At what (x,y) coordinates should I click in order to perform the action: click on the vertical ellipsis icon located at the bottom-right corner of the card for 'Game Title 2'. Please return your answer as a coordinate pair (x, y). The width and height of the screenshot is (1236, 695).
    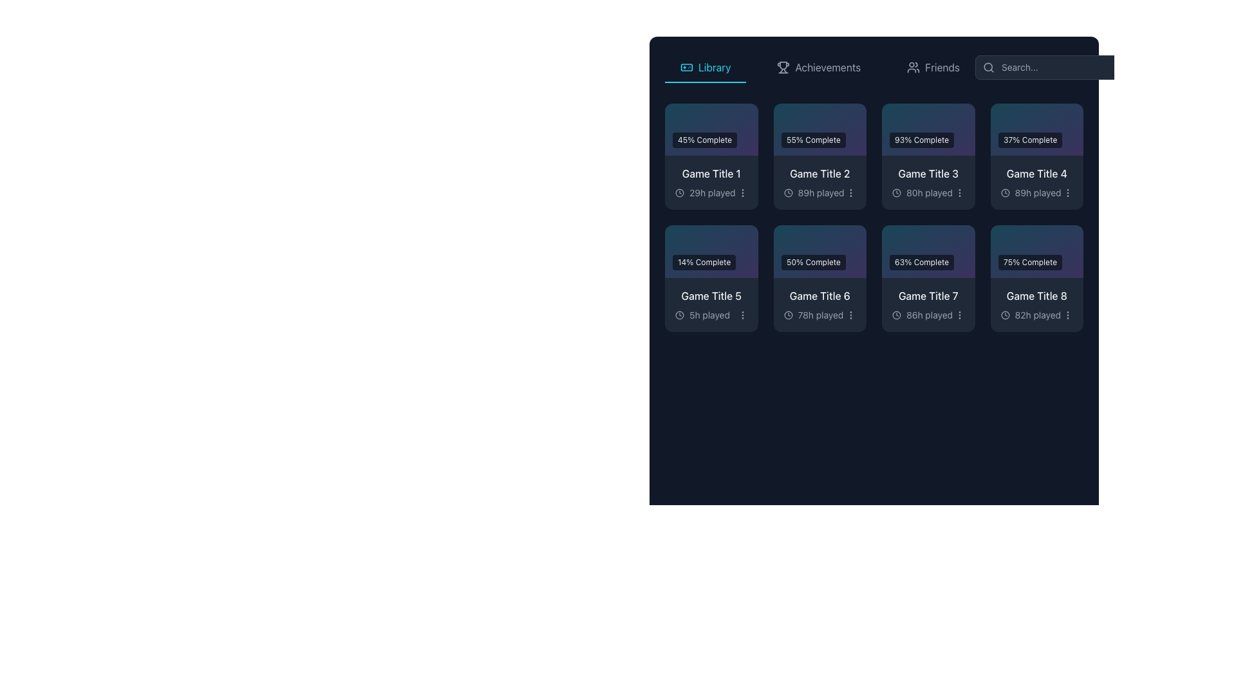
    Looking at the image, I should click on (850, 193).